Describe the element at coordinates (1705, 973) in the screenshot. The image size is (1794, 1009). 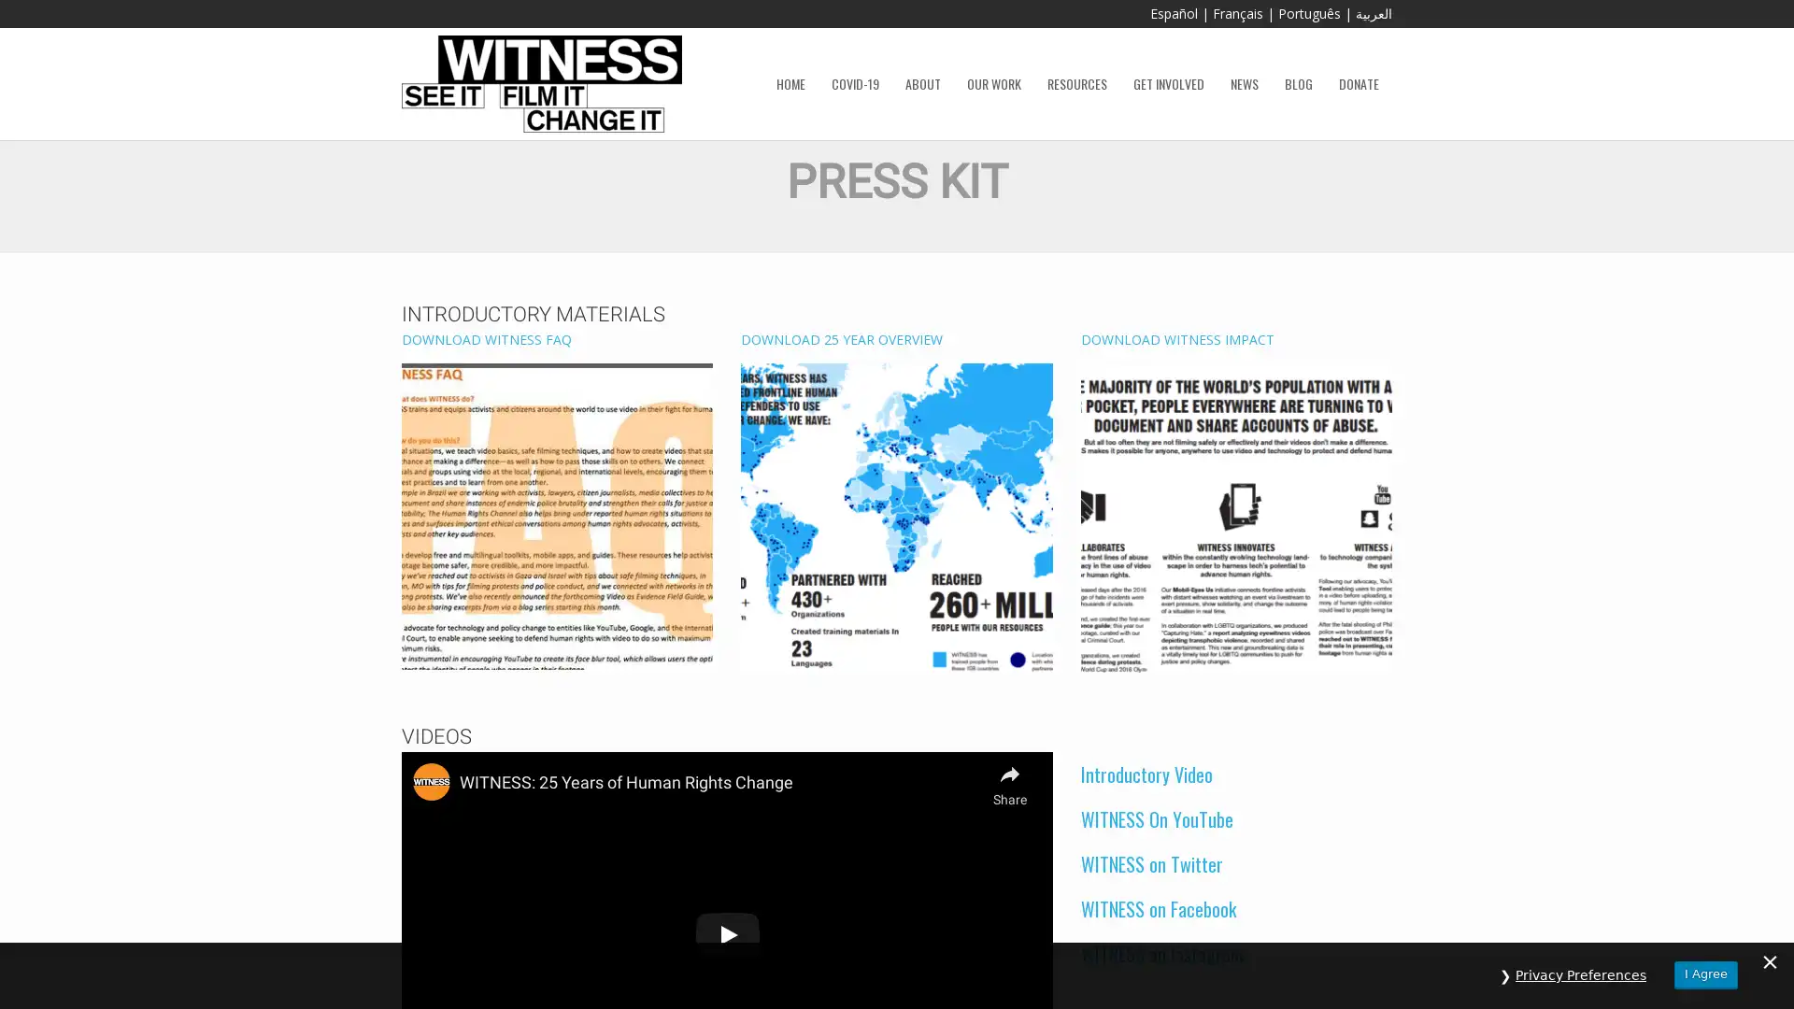
I see `I Agree` at that location.